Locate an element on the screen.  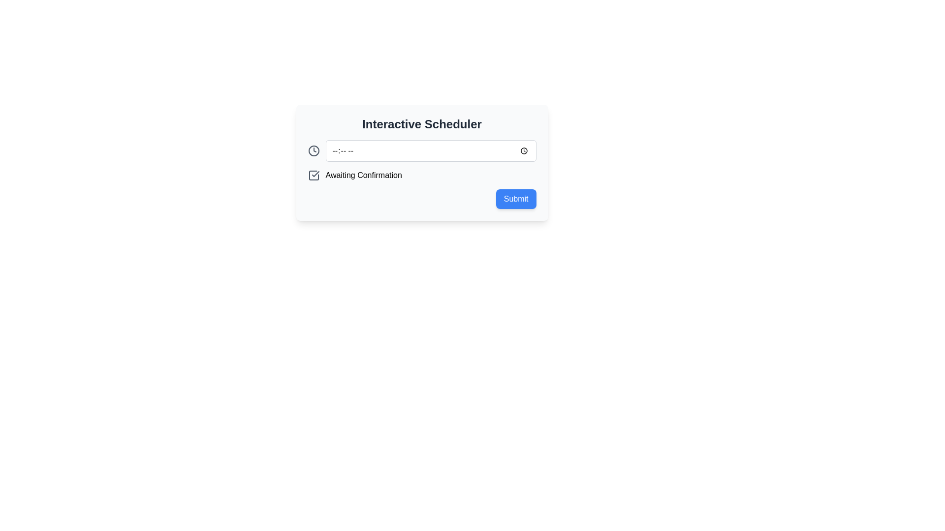
the SVG circle element representing the clock's boundary, which is visually depicted as the clock face on the left side of the input field displaying a placeholder '--:-- --' is located at coordinates (313, 151).